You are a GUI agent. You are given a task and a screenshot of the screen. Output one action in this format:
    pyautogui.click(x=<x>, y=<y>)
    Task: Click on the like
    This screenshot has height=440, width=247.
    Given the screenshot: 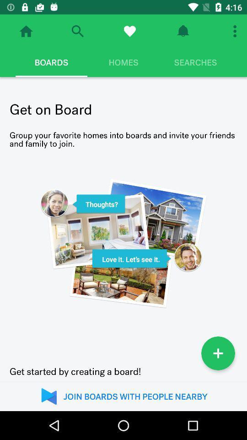 What is the action you would take?
    pyautogui.click(x=129, y=31)
    